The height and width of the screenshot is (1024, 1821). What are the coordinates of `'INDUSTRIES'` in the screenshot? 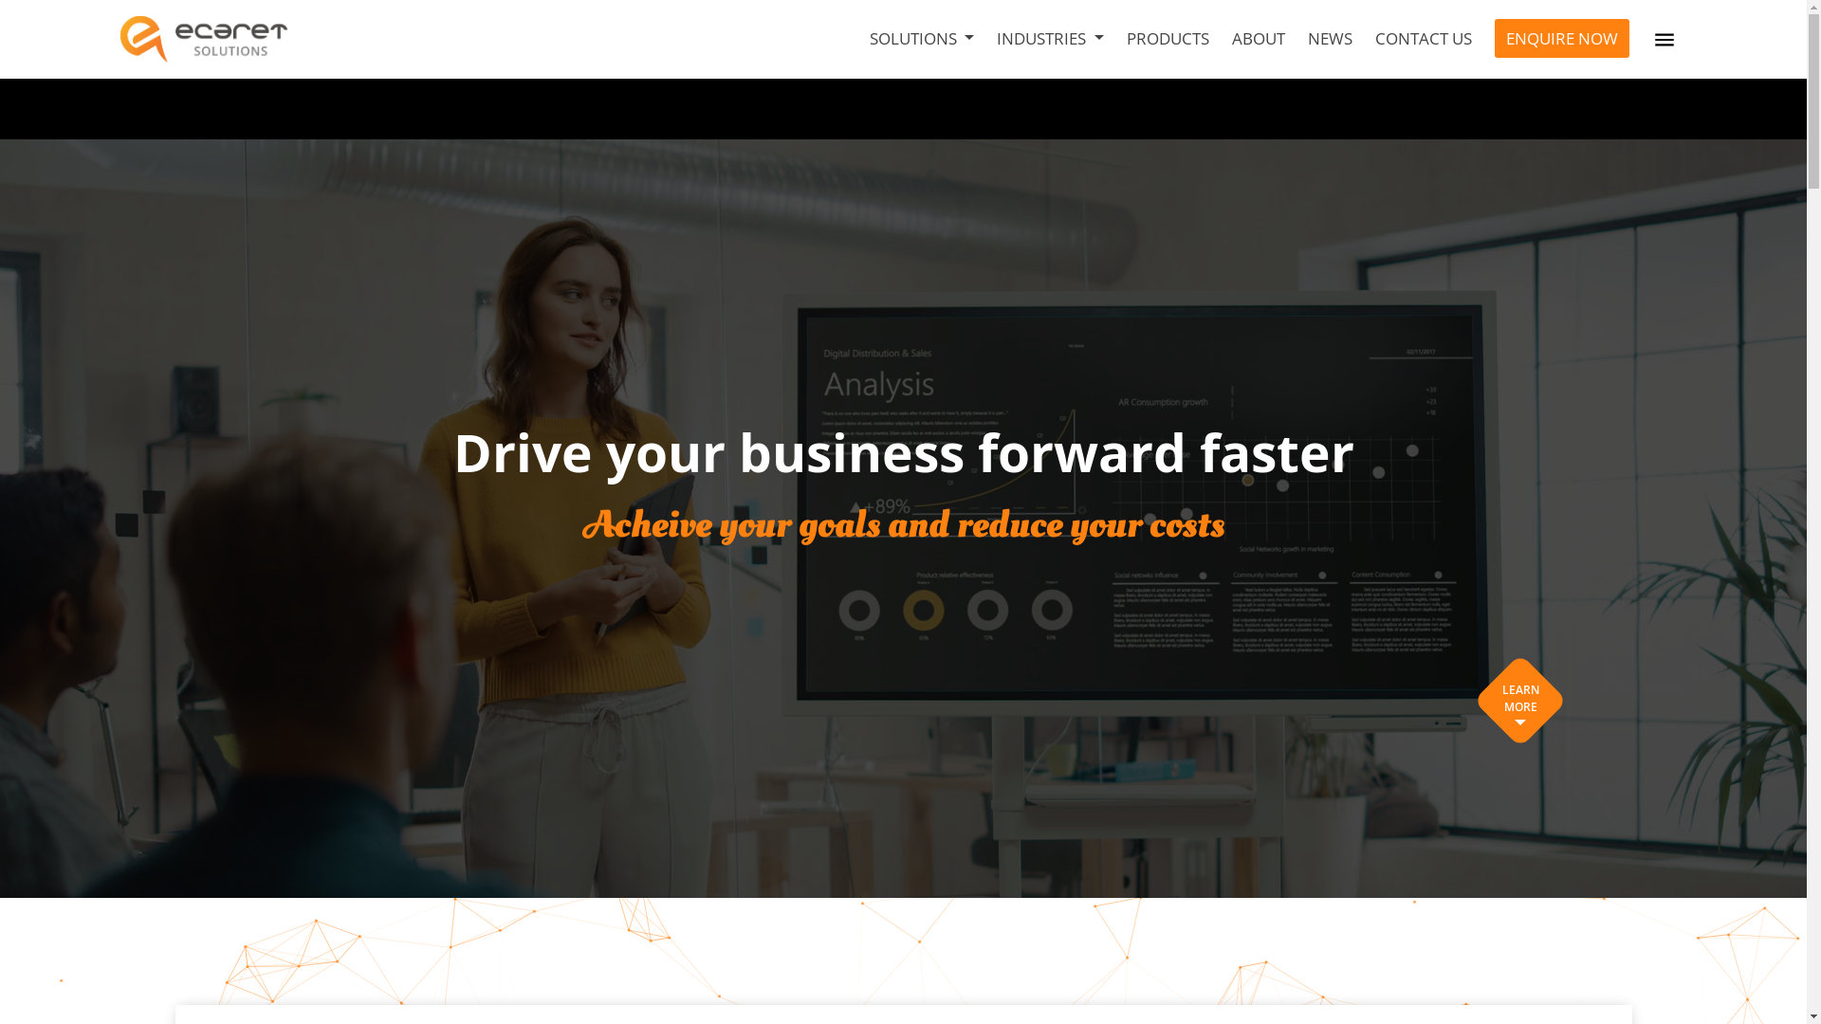 It's located at (1049, 39).